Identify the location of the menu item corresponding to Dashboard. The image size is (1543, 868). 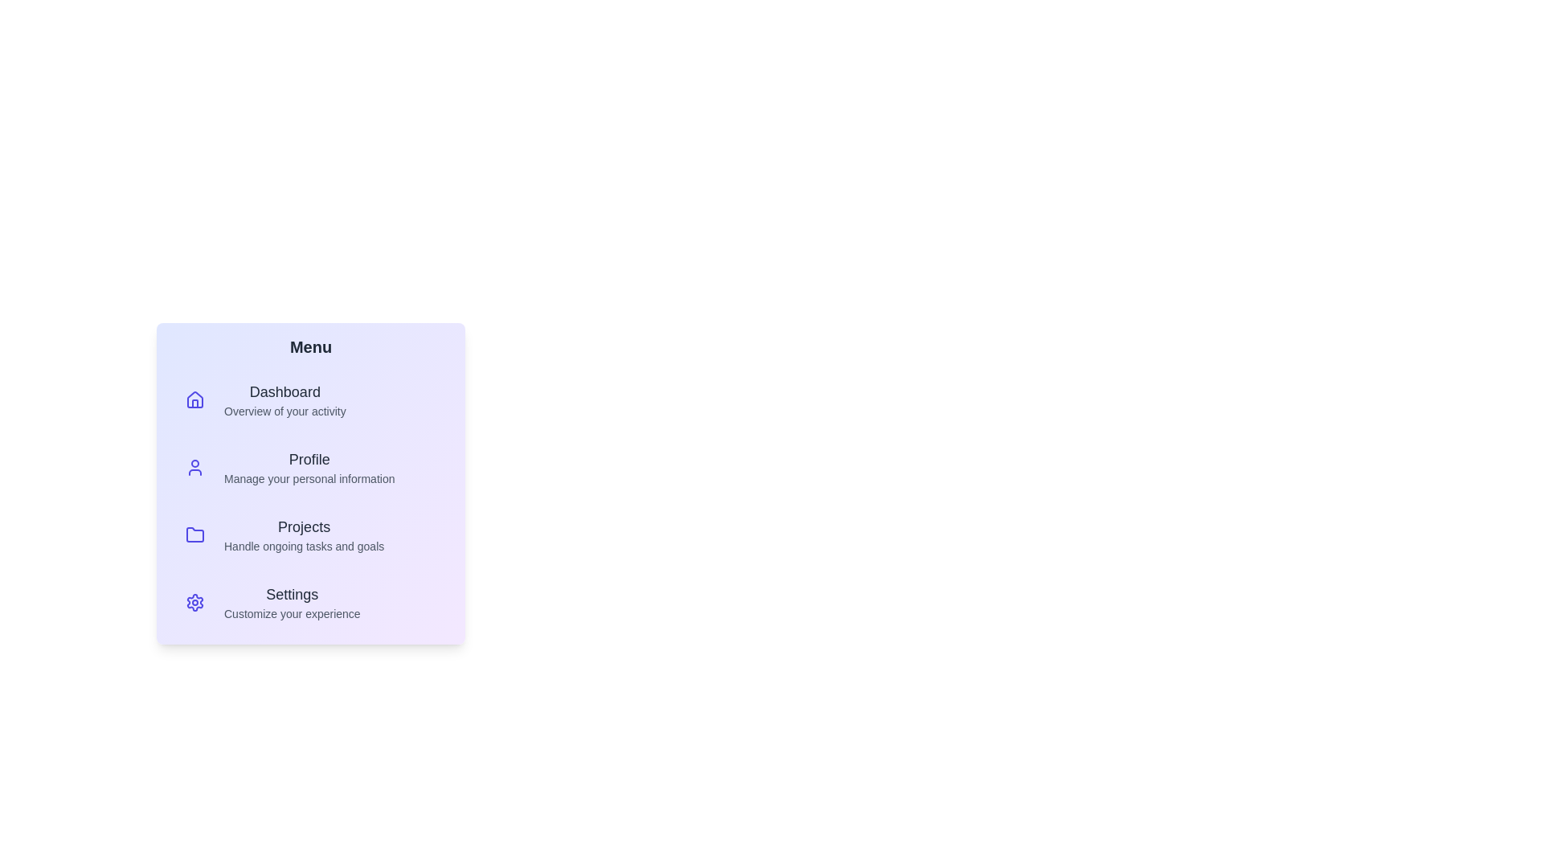
(311, 399).